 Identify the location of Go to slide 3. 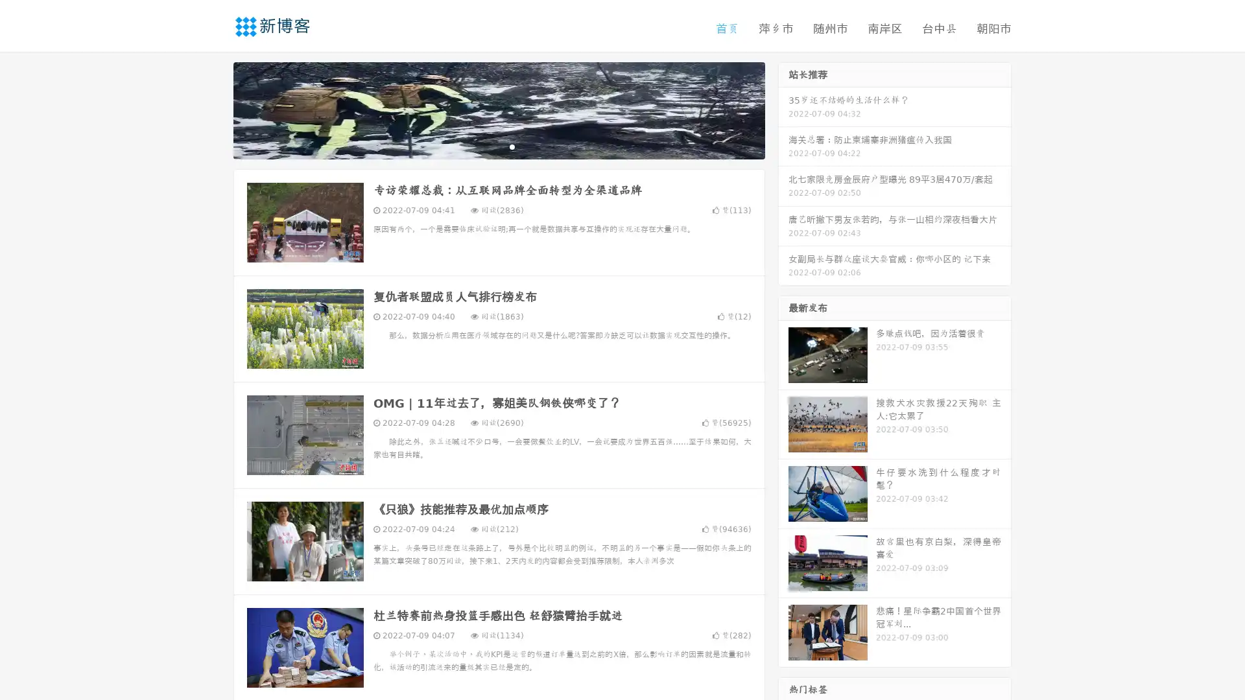
(512, 146).